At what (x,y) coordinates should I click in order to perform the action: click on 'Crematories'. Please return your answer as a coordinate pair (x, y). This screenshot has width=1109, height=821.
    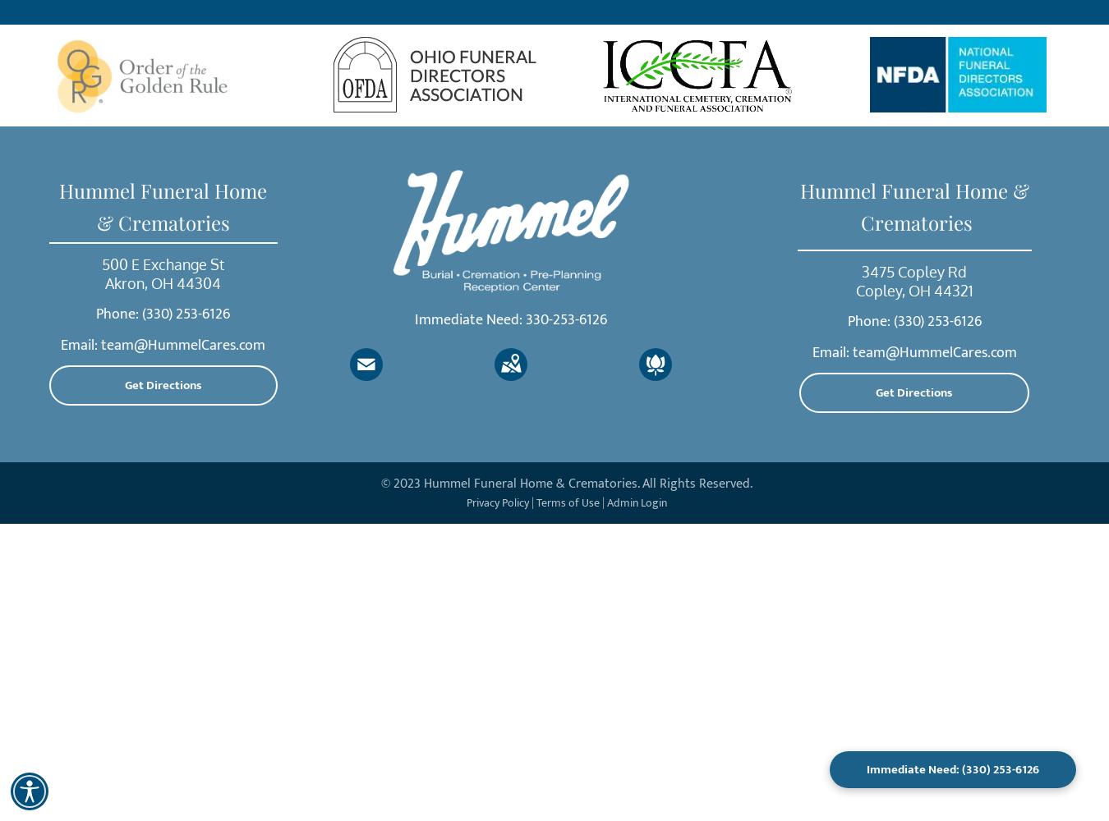
    Looking at the image, I should click on (913, 222).